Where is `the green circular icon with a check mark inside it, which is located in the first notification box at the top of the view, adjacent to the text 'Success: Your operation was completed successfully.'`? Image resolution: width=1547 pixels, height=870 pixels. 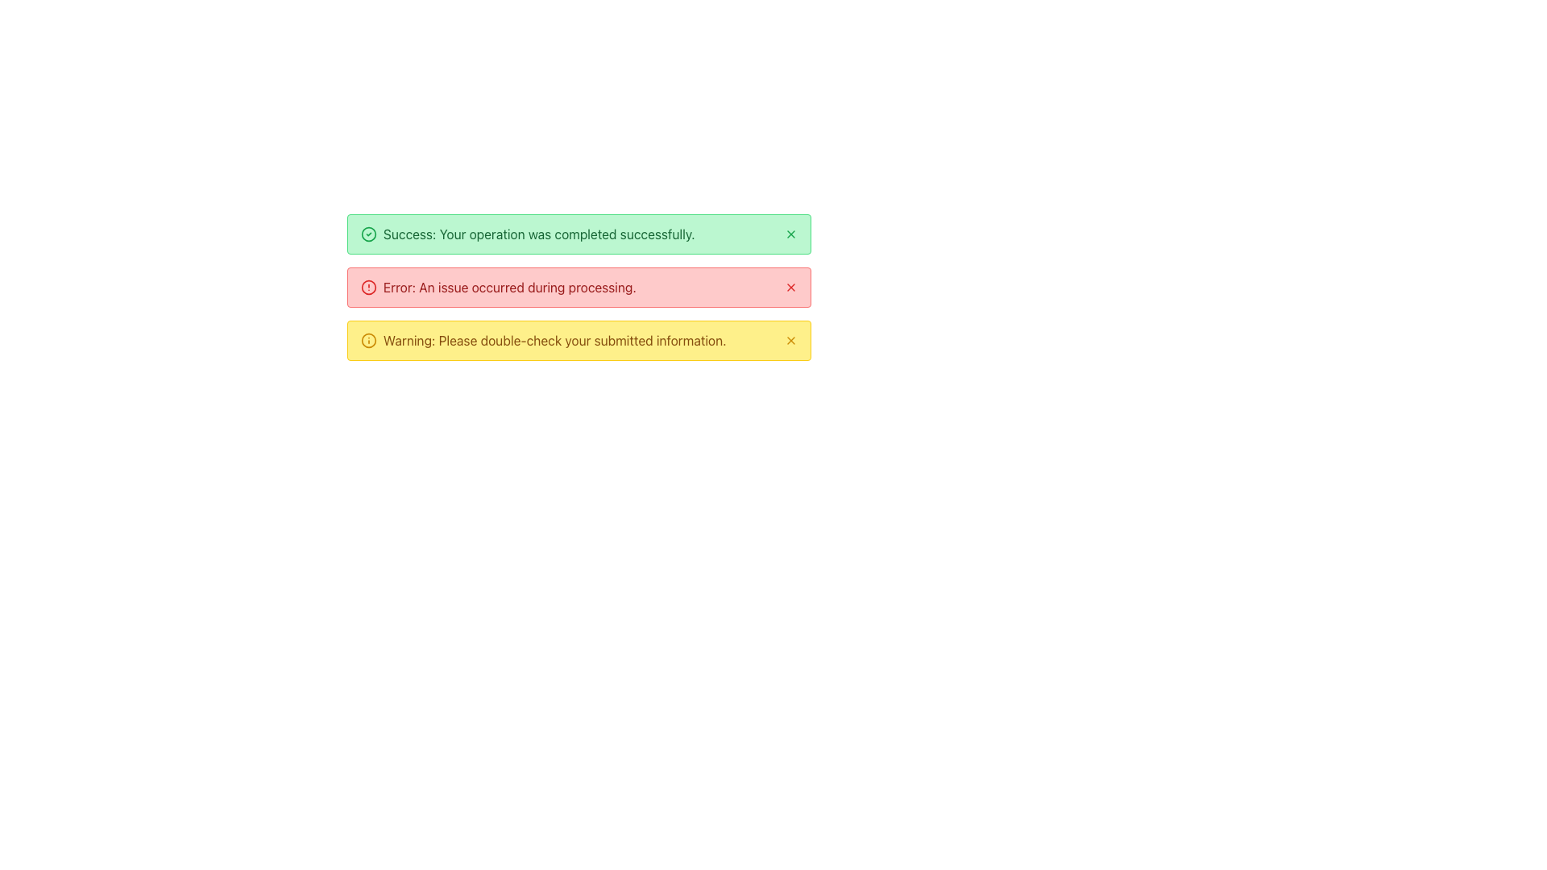 the green circular icon with a check mark inside it, which is located in the first notification box at the top of the view, adjacent to the text 'Success: Your operation was completed successfully.' is located at coordinates (367, 234).